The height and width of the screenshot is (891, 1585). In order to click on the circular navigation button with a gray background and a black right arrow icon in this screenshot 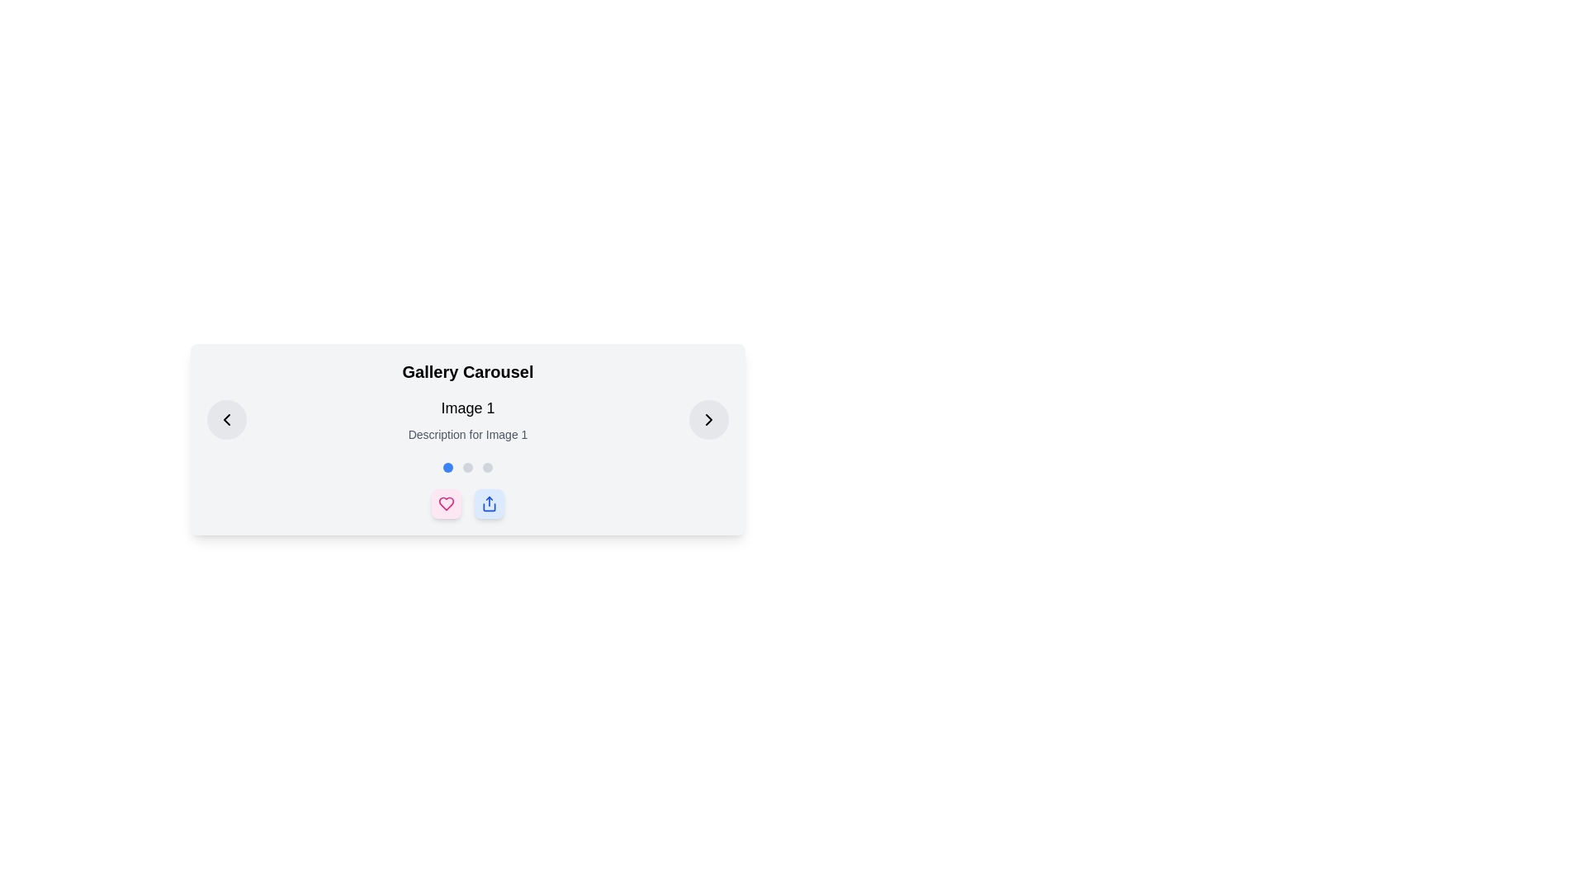, I will do `click(709, 419)`.